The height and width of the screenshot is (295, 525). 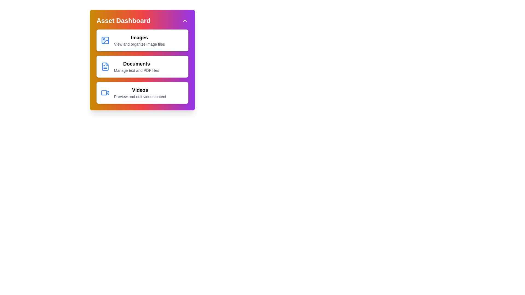 I want to click on the media item corresponding to Videos, so click(x=142, y=92).